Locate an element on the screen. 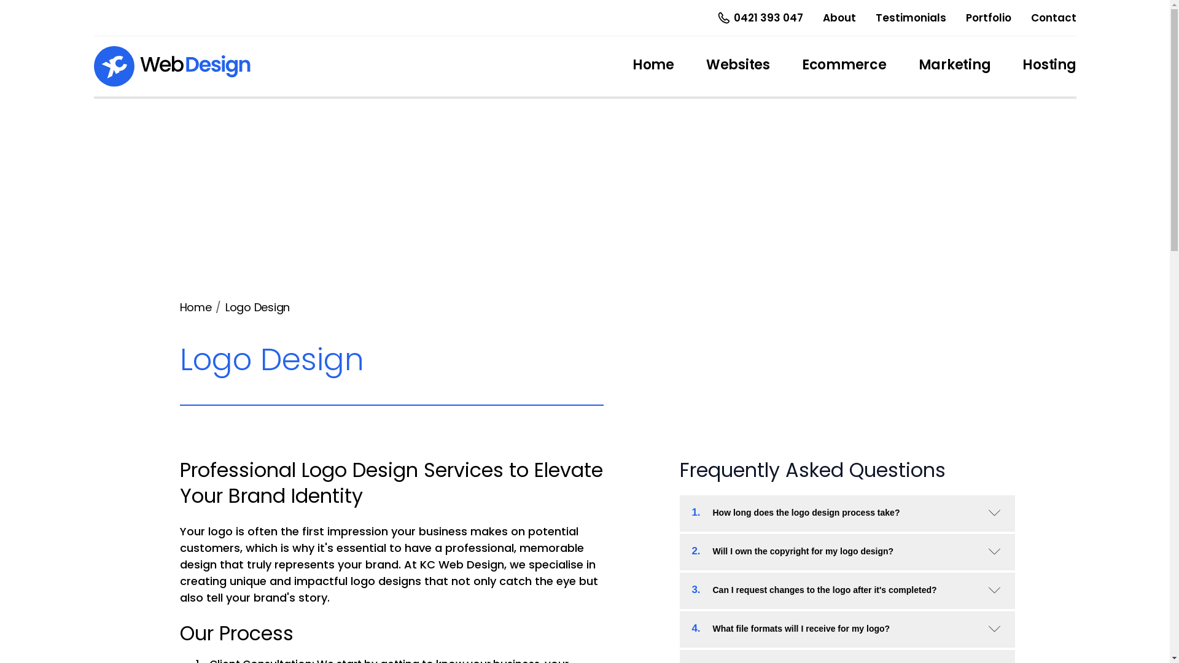 This screenshot has height=663, width=1179. 'Contact' is located at coordinates (1030, 17).